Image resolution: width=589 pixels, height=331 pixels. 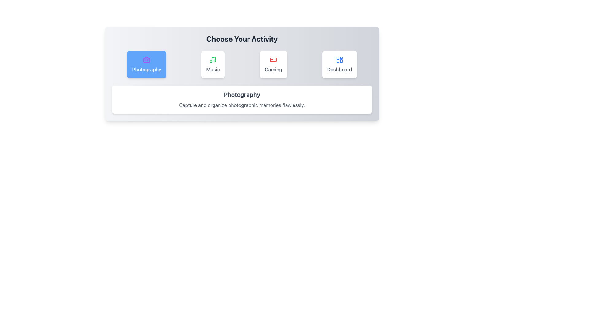 What do you see at coordinates (146, 65) in the screenshot?
I see `the first clickable button in the row under the heading 'Choose Your Activity'` at bounding box center [146, 65].